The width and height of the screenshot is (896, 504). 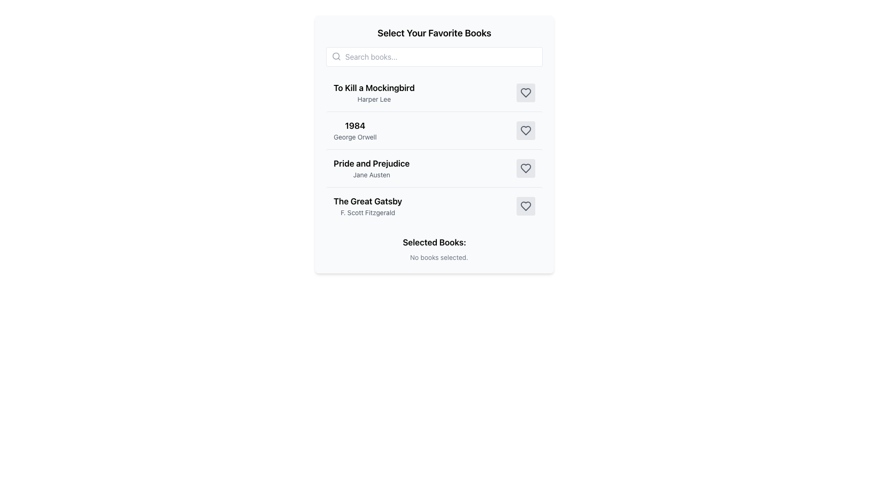 What do you see at coordinates (434, 168) in the screenshot?
I see `the list item displaying 'Pride and Prejudice' by Jane Austen to view more details about the book` at bounding box center [434, 168].